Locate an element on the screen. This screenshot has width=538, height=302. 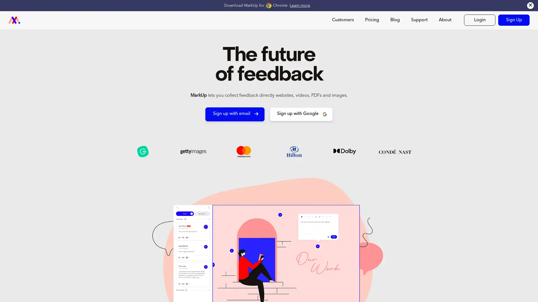
Close is located at coordinates (530, 5).